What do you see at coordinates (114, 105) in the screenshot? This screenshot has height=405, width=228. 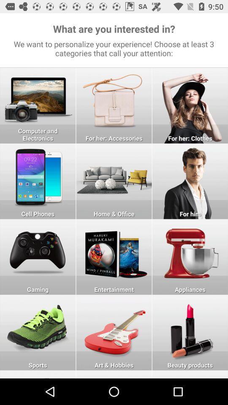 I see `for her accessories` at bounding box center [114, 105].